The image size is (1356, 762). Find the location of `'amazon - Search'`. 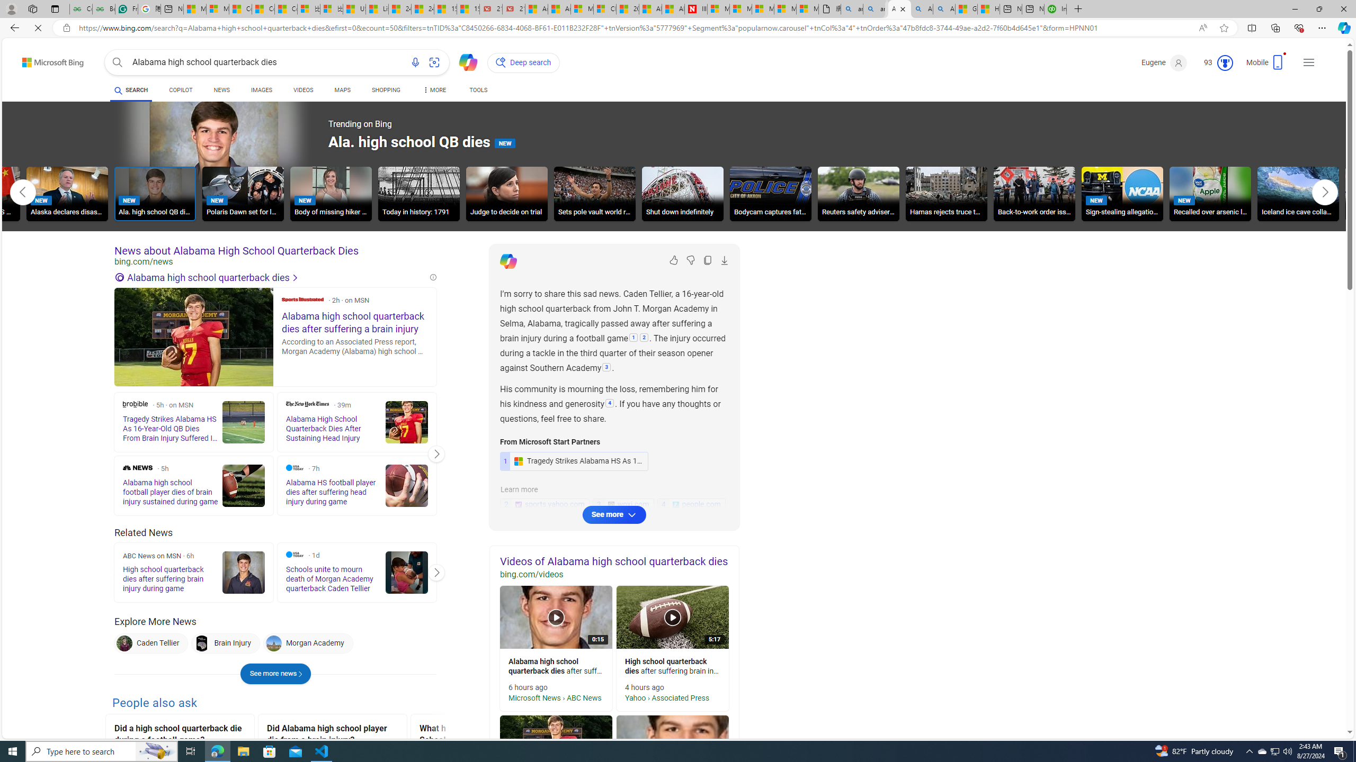

'amazon - Search' is located at coordinates (851, 8).